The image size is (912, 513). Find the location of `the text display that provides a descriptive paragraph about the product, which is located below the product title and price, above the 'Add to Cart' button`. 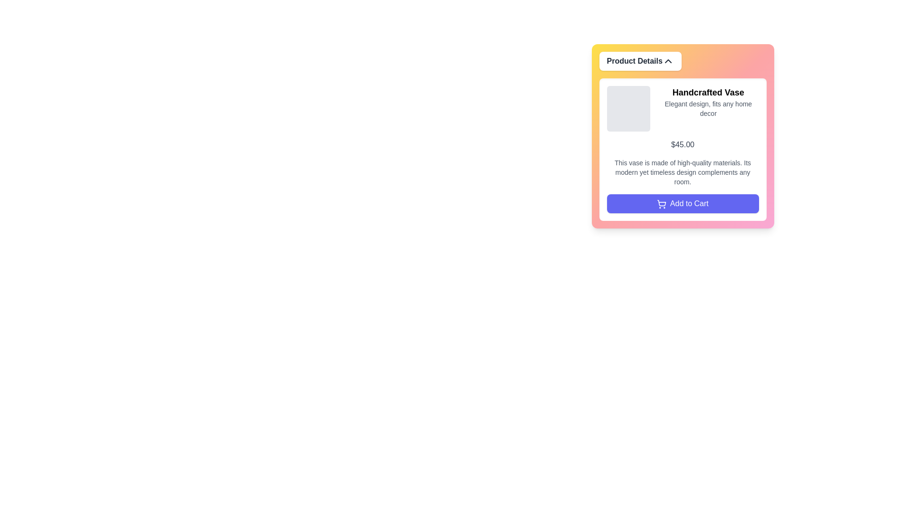

the text display that provides a descriptive paragraph about the product, which is located below the product title and price, above the 'Add to Cart' button is located at coordinates (682, 172).